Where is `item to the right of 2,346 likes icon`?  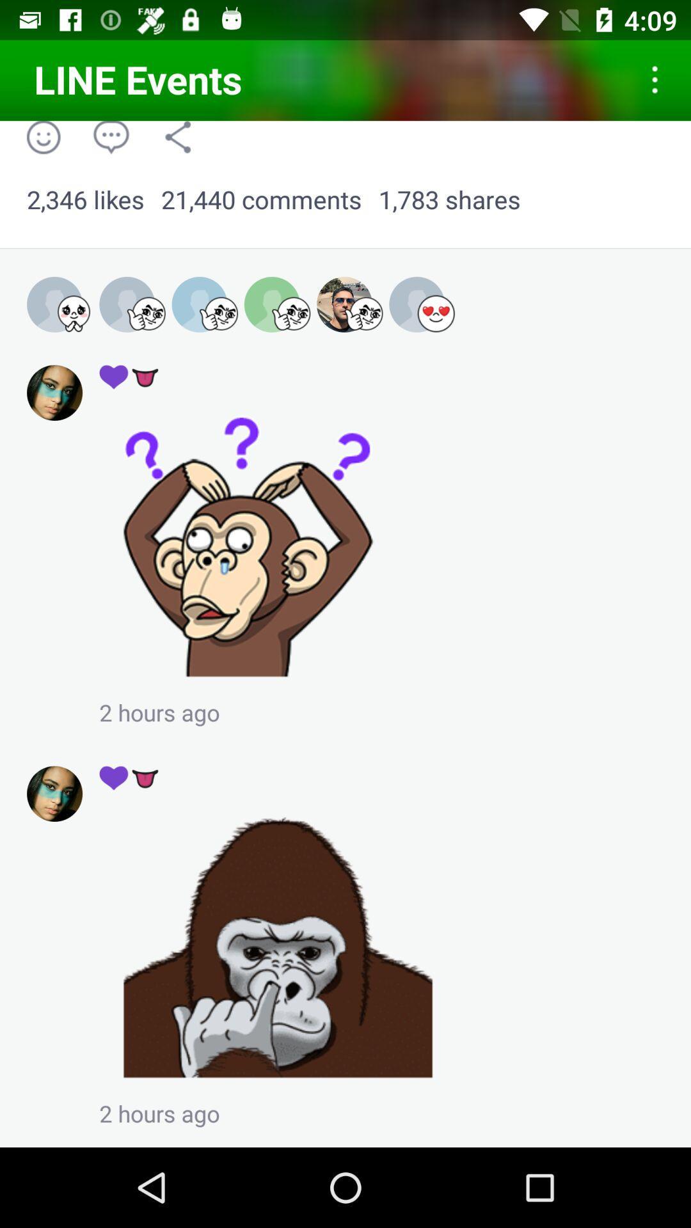
item to the right of 2,346 likes icon is located at coordinates (260, 200).